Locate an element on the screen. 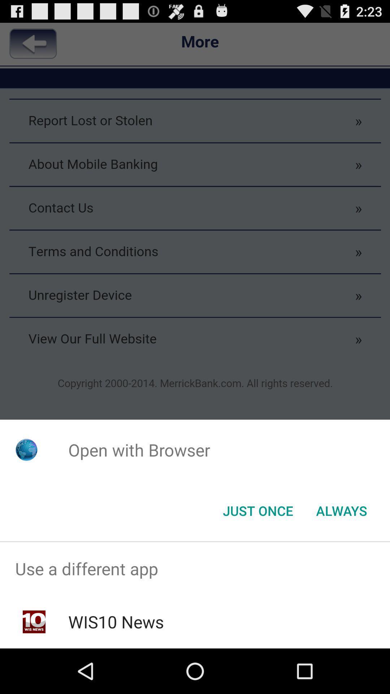 Image resolution: width=390 pixels, height=694 pixels. always is located at coordinates (341, 510).